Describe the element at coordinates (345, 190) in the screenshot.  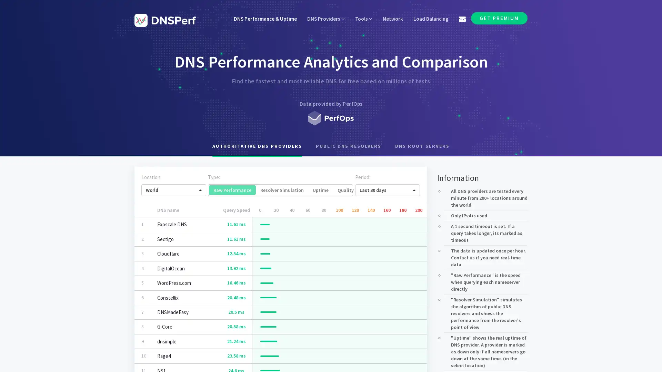
I see `Quality` at that location.